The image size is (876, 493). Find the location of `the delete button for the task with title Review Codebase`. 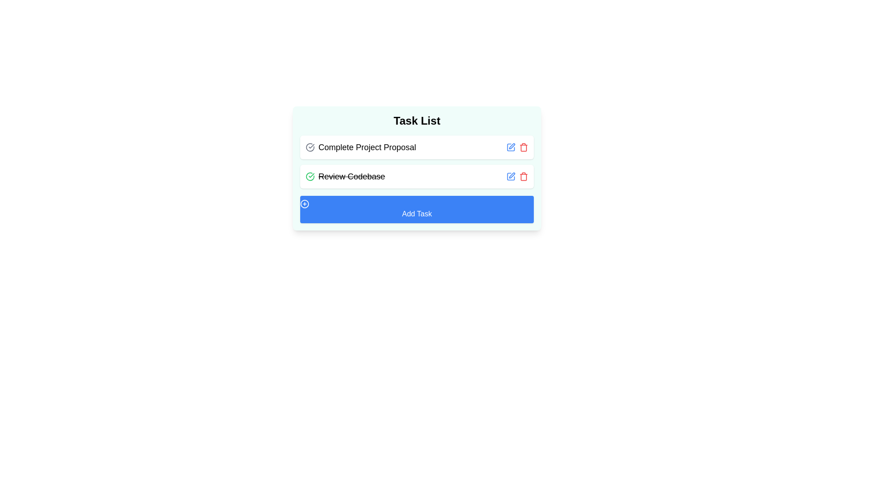

the delete button for the task with title Review Codebase is located at coordinates (523, 176).